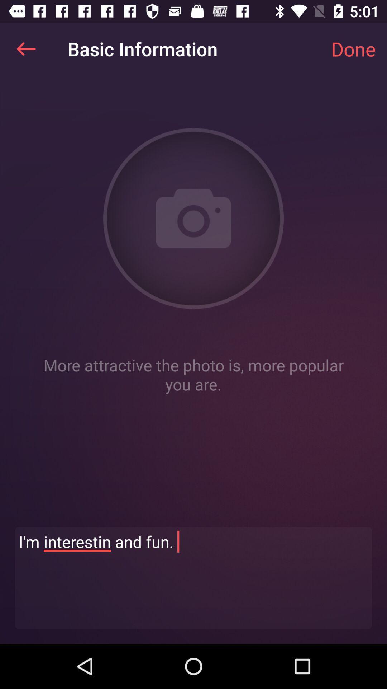  What do you see at coordinates (193, 218) in the screenshot?
I see `photo` at bounding box center [193, 218].